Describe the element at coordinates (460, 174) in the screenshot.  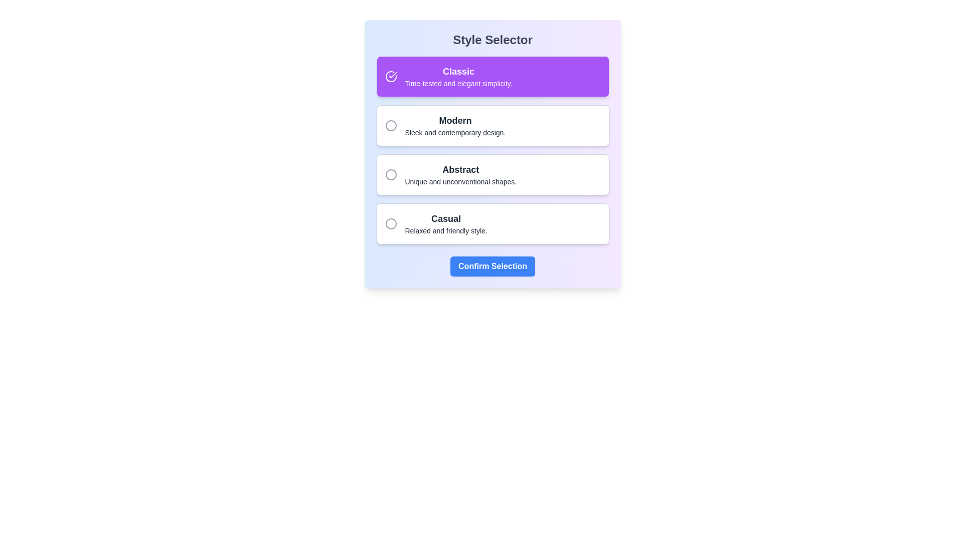
I see `the 'Abstract' style option within the style selection menu, which is the second selectable option in the list under 'Style Selector'` at that location.